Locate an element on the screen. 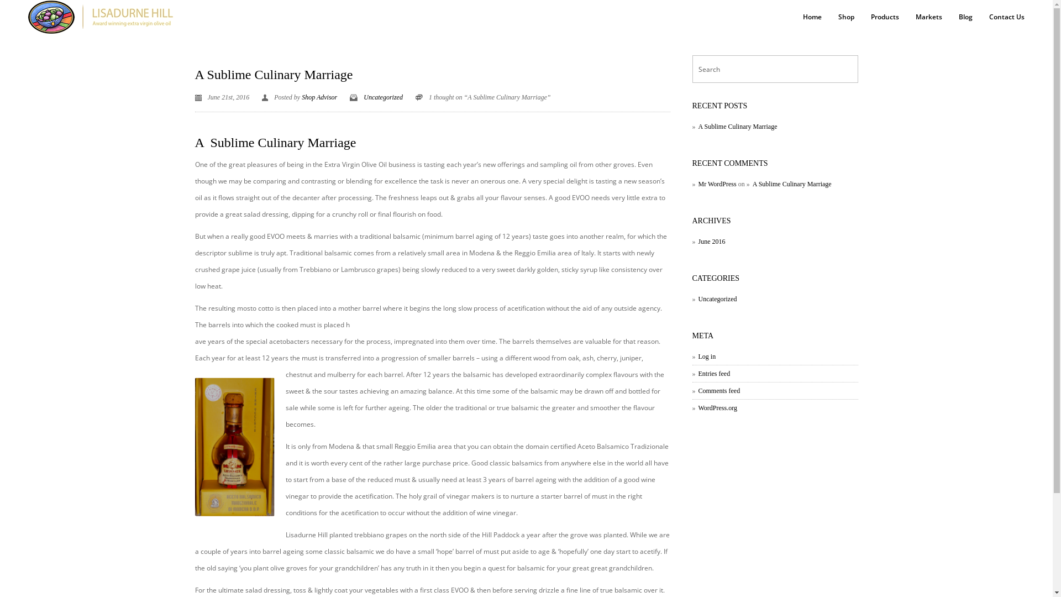 Image resolution: width=1061 pixels, height=597 pixels. 'Search' is located at coordinates (12, 9).